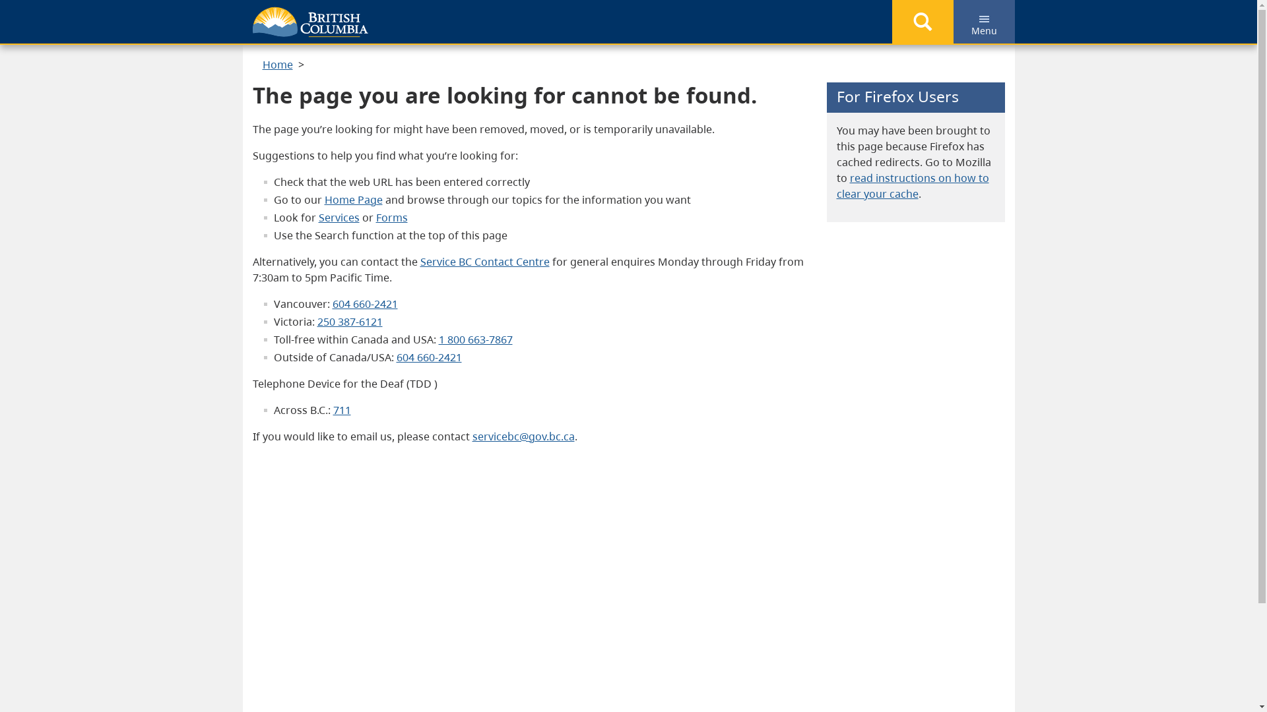 This screenshot has height=712, width=1267. I want to click on 'servicebc@gov.bc.ca', so click(523, 436).